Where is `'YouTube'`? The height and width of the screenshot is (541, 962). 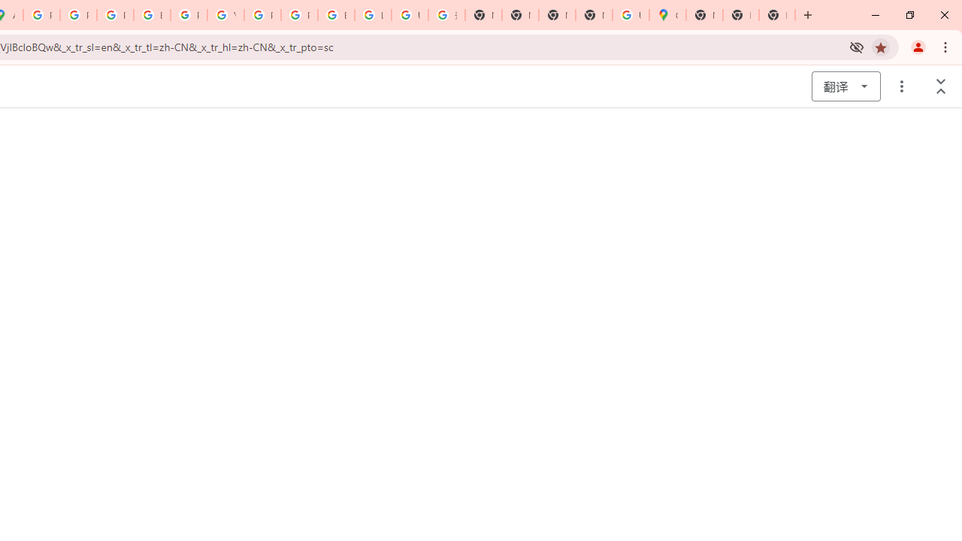 'YouTube' is located at coordinates (225, 15).